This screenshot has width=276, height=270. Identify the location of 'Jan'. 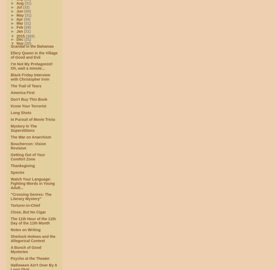
(16, 31).